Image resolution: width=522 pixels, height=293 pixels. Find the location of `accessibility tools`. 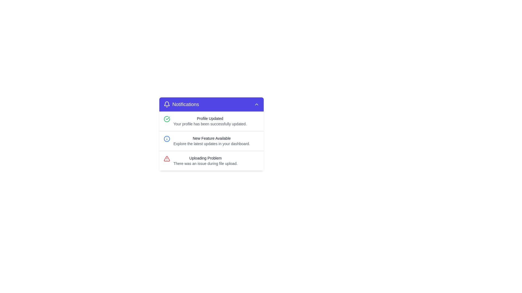

accessibility tools is located at coordinates (167, 103).